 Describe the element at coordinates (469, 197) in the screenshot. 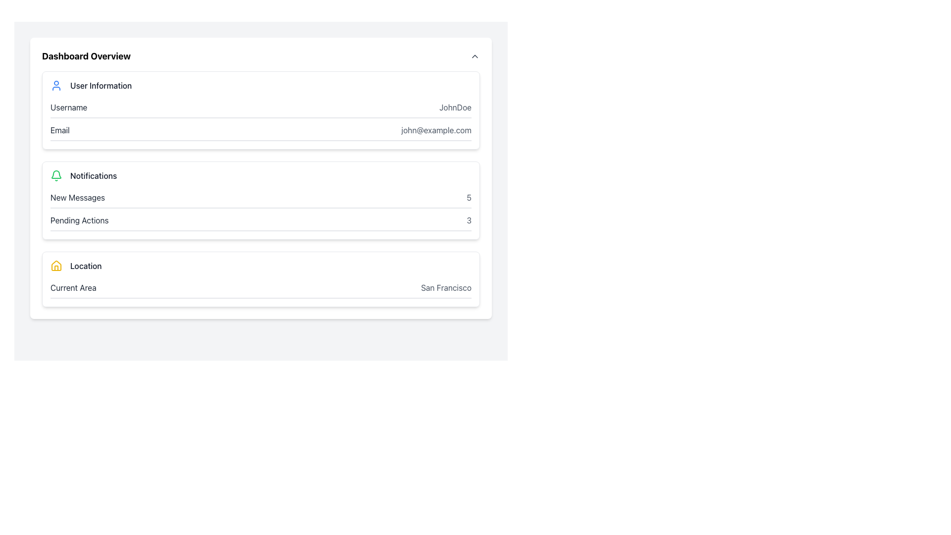

I see `the static text that indicates the count of unread messages, located at the top-right corner of the 'New Messages' section in the notifications block` at that location.